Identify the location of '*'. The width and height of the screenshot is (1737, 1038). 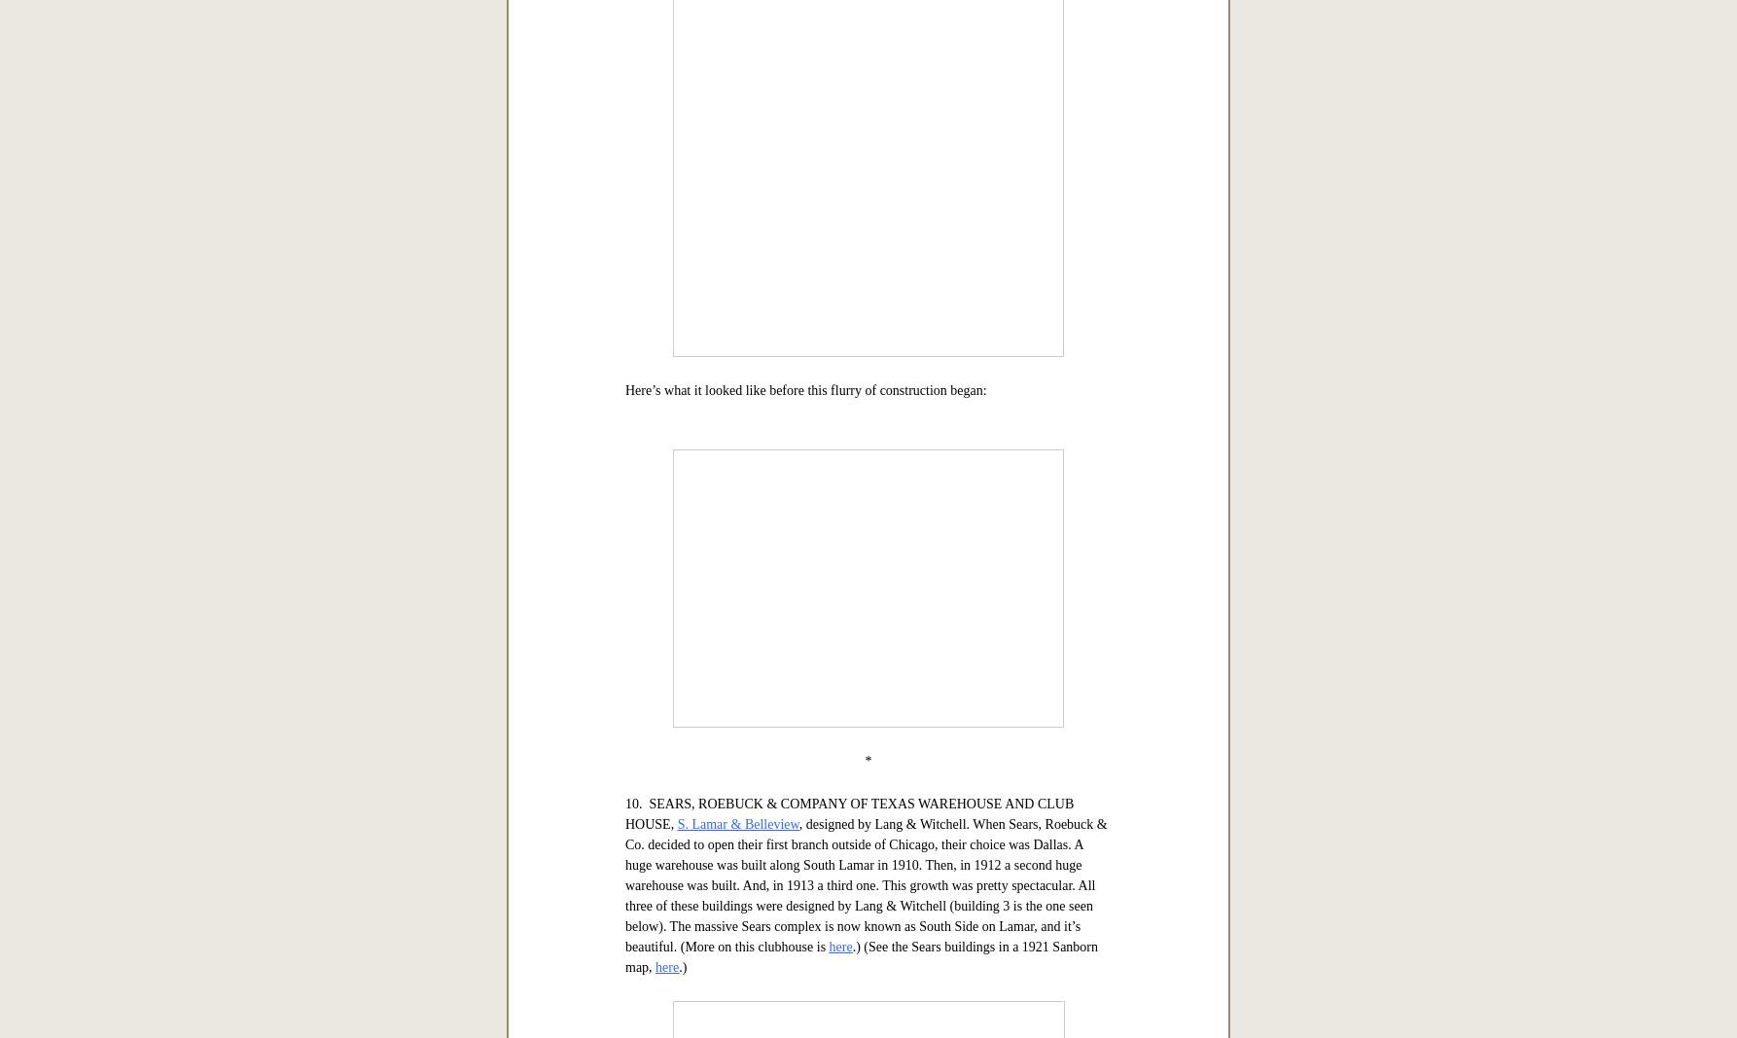
(864, 109).